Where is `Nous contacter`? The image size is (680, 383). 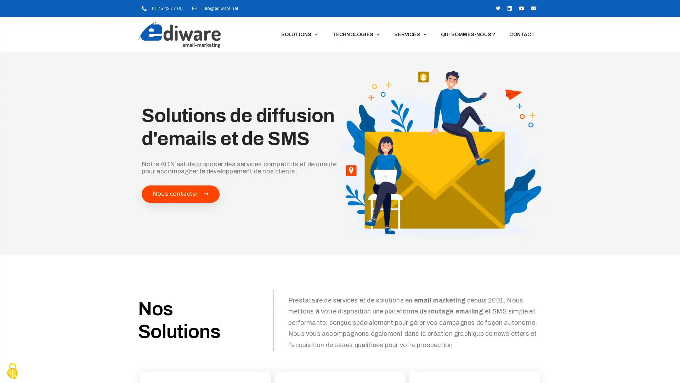
Nous contacter is located at coordinates (180, 194).